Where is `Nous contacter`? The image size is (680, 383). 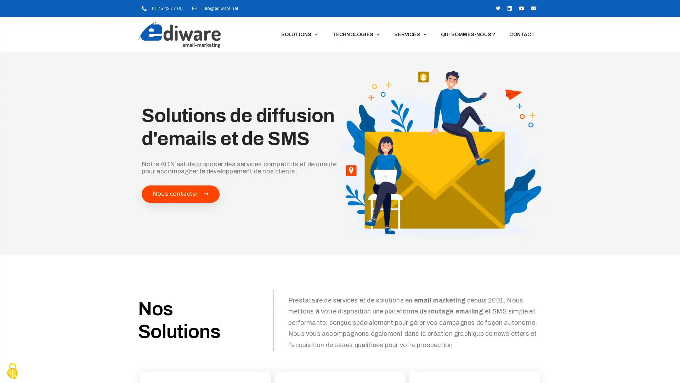
Nous contacter is located at coordinates (180, 194).